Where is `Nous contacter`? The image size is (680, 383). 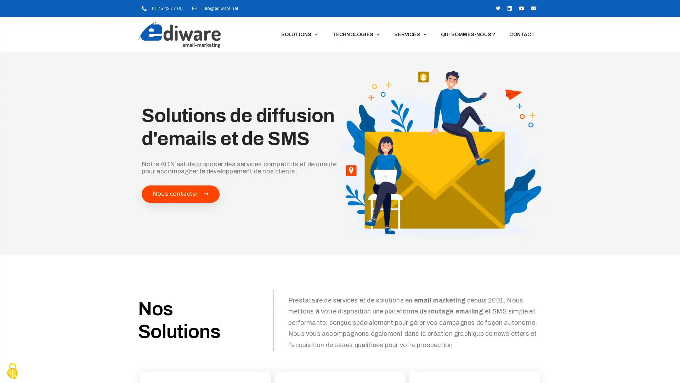
Nous contacter is located at coordinates (180, 194).